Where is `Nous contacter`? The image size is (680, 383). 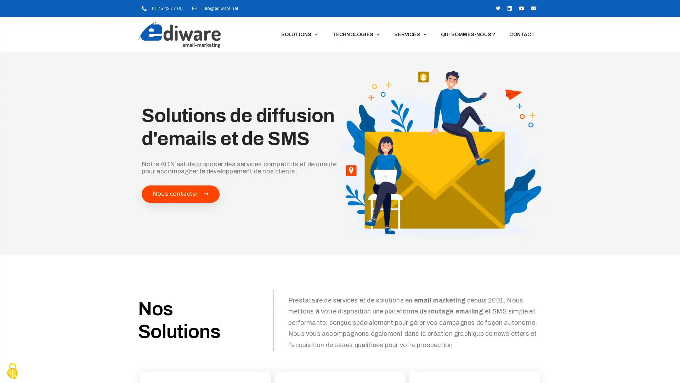
Nous contacter is located at coordinates (180, 194).